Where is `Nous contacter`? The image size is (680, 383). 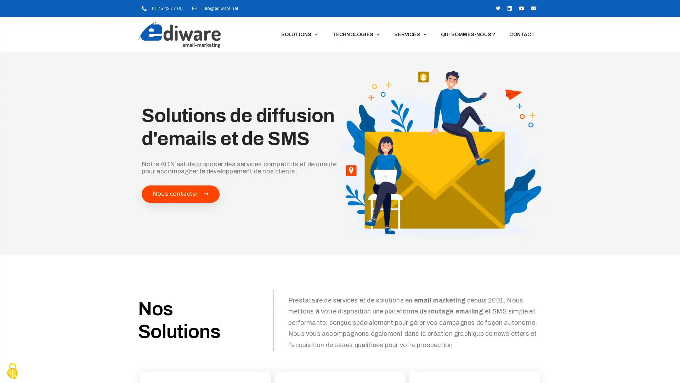
Nous contacter is located at coordinates (180, 194).